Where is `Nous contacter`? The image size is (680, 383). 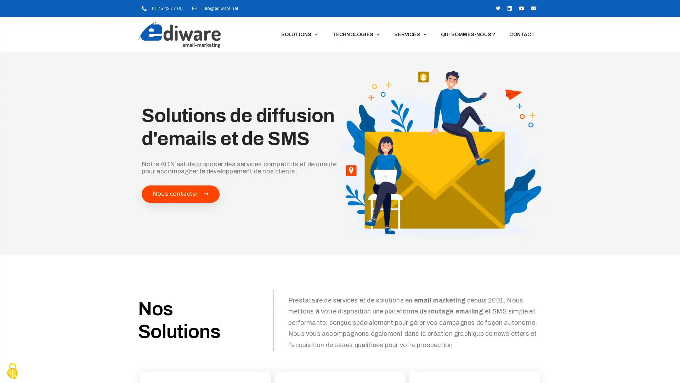
Nous contacter is located at coordinates (180, 194).